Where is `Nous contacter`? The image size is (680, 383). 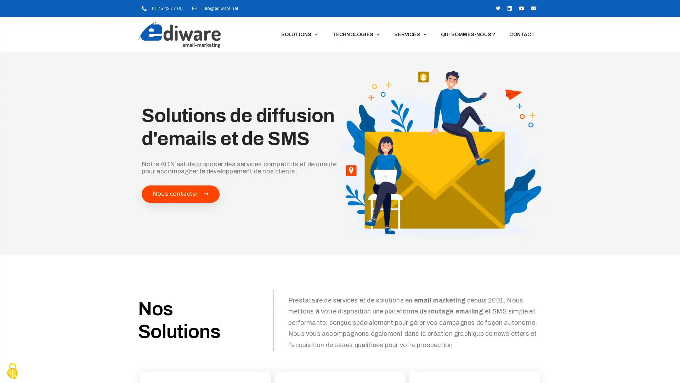
Nous contacter is located at coordinates (180, 194).